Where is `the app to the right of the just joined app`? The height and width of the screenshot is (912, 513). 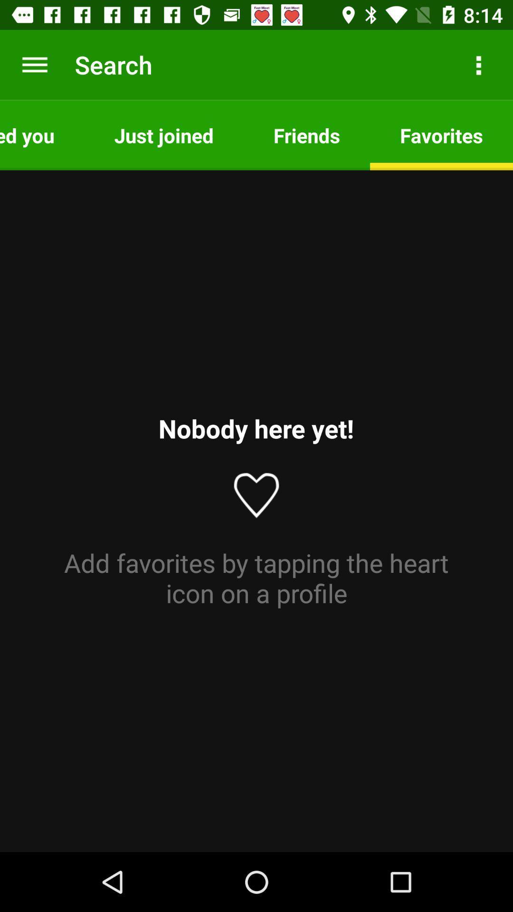 the app to the right of the just joined app is located at coordinates (307, 134).